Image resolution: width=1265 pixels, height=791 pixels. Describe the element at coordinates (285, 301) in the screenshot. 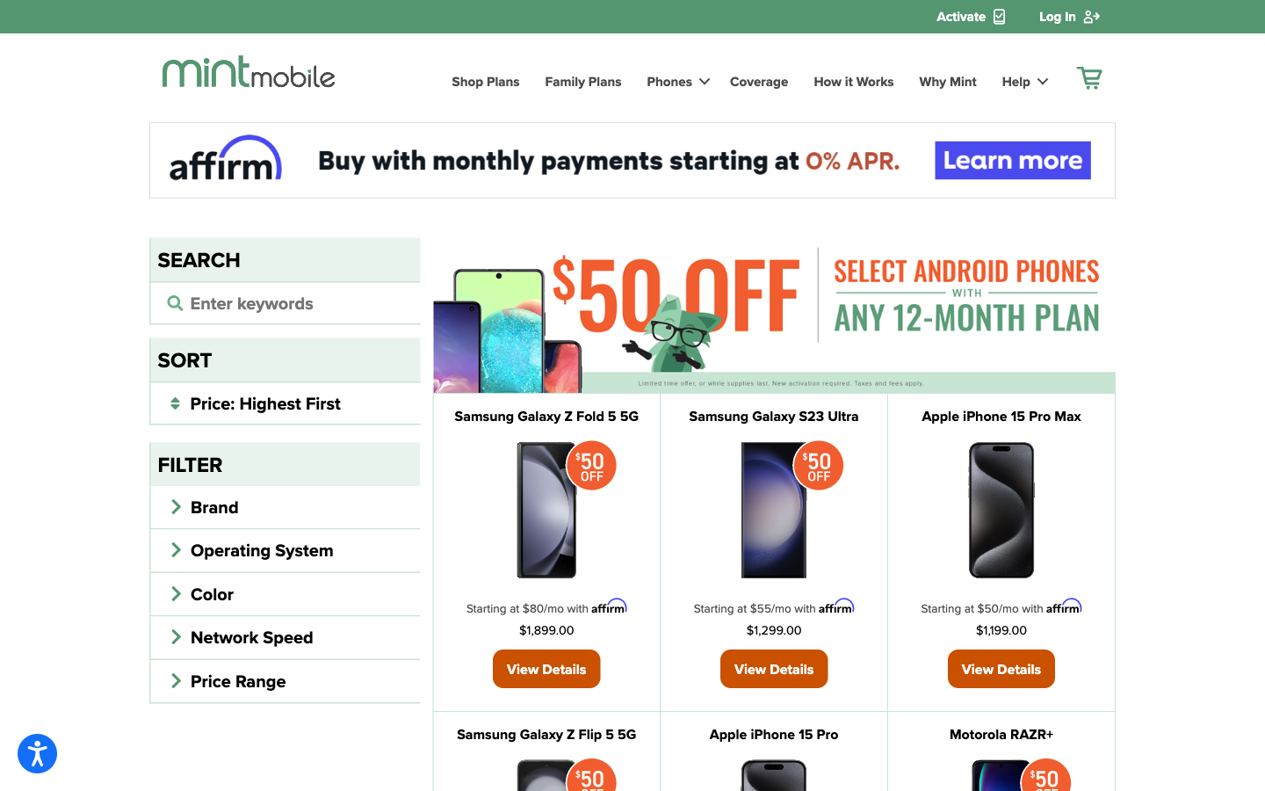

I see `Search for all Samsung Phone` at that location.